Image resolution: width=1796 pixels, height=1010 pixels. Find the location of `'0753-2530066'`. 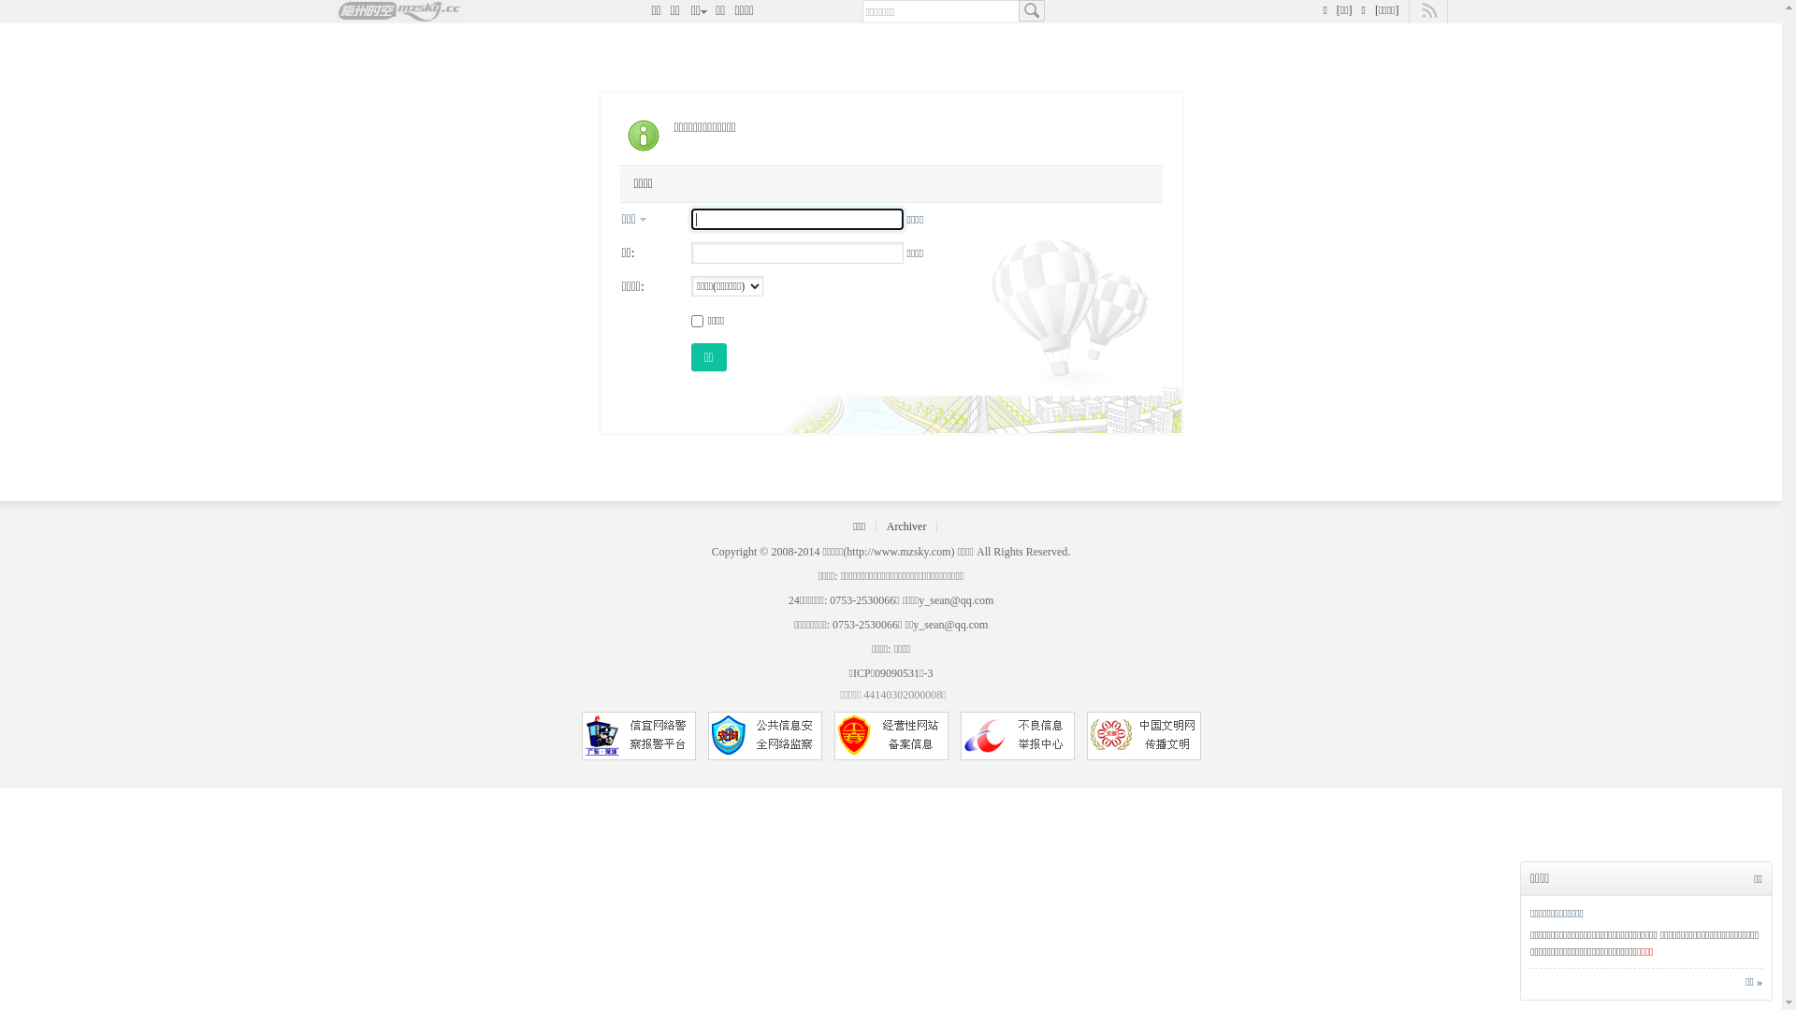

'0753-2530066' is located at coordinates (861, 599).